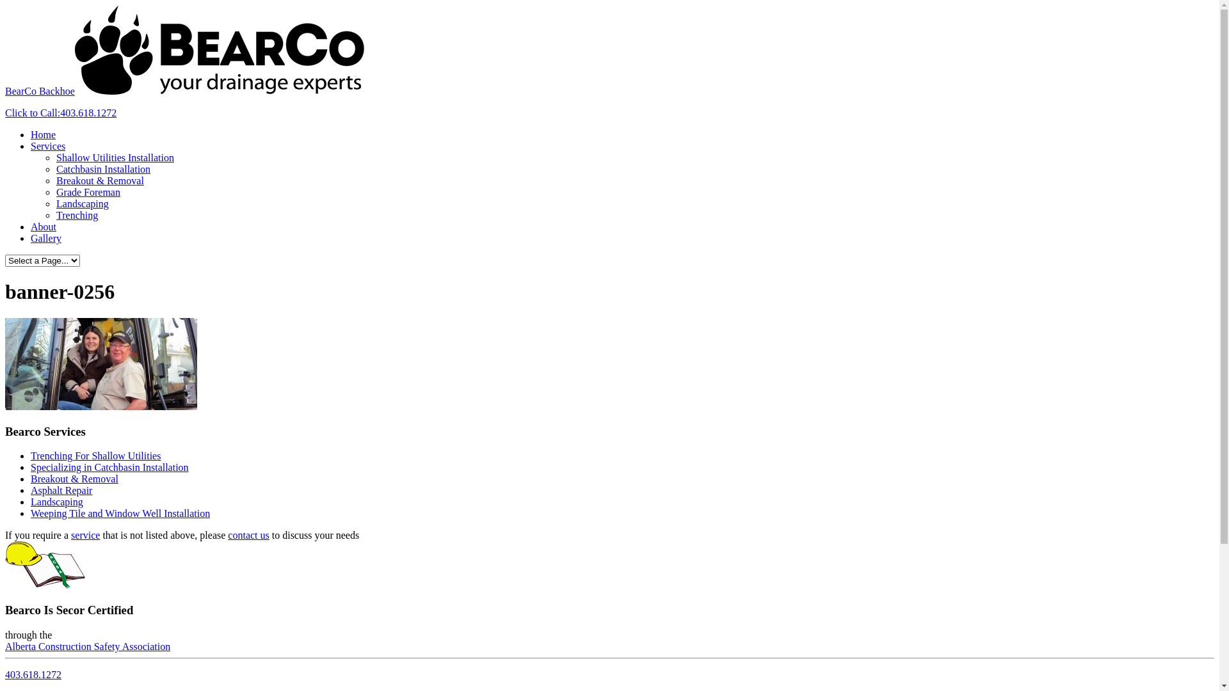 This screenshot has width=1229, height=691. I want to click on 'Click to Call:', so click(33, 112).